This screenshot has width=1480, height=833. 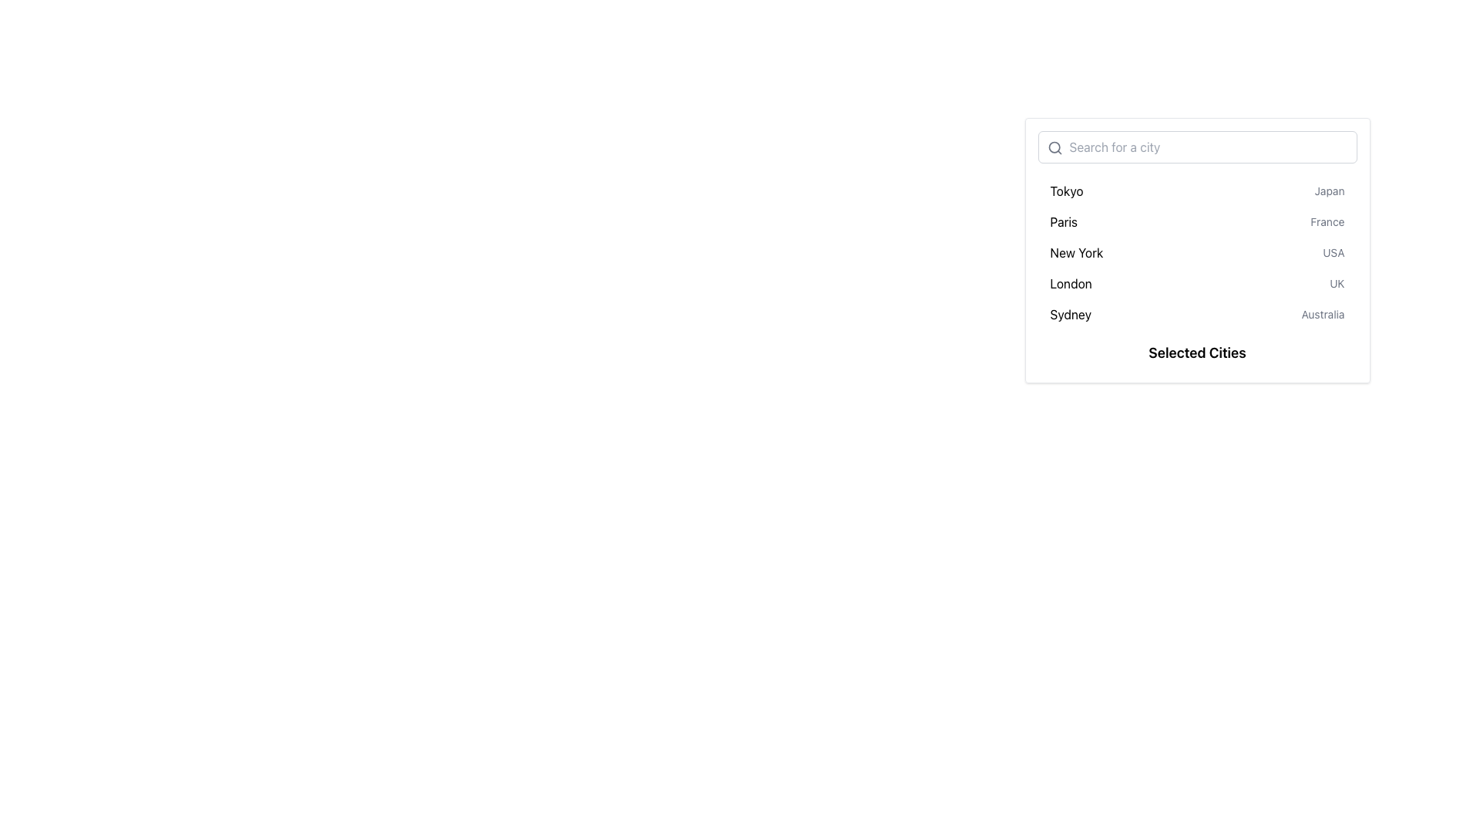 I want to click on the third row of the city selection panel which displays 'New York' on the left and 'USA' on the right, so click(x=1196, y=251).